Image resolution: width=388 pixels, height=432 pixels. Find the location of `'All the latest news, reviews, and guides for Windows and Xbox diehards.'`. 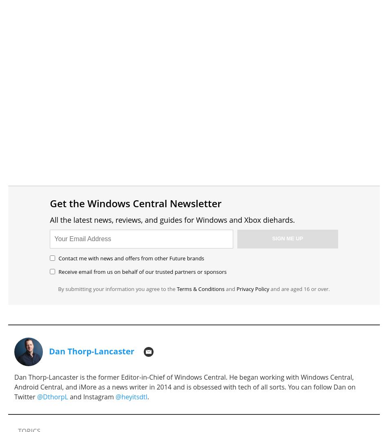

'All the latest news, reviews, and guides for Windows and Xbox diehards.' is located at coordinates (49, 219).